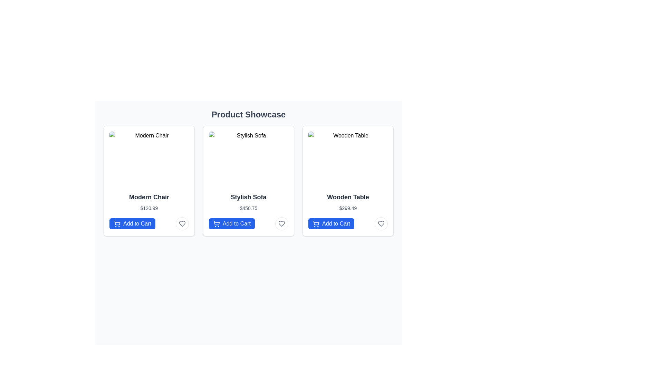 The height and width of the screenshot is (373, 663). I want to click on the 'Add to Cart' button, which has a blue background and white text, located at the bottom section of the 'Modern Chair' card to trigger visual feedback, so click(137, 224).